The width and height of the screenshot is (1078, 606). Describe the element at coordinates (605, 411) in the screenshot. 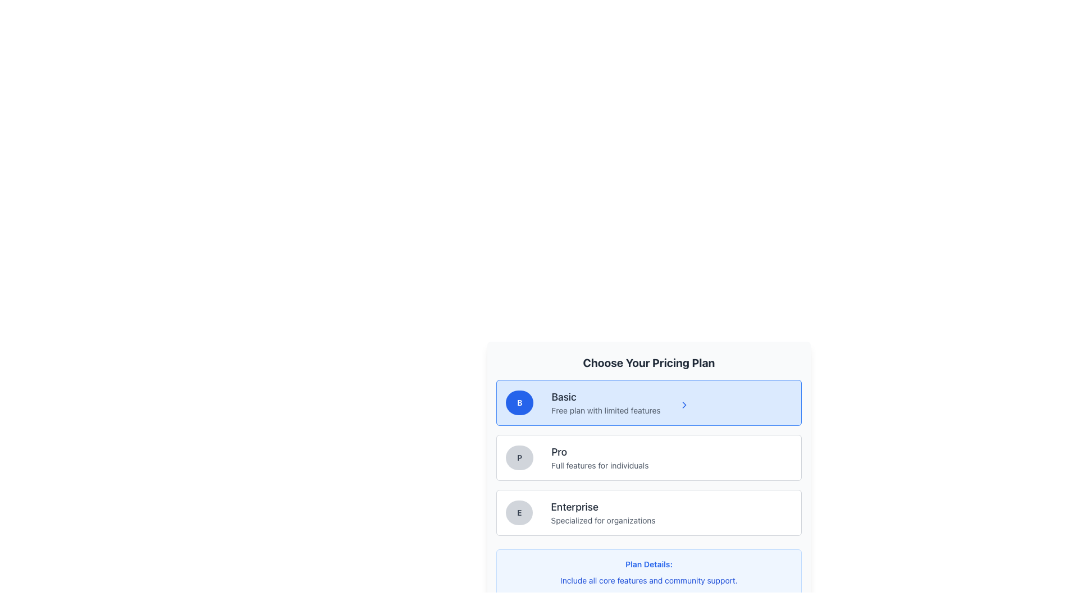

I see `the textual description reading 'Free plan with limited features.' which is located beneath the title 'Basic' in the pricing plan card` at that location.